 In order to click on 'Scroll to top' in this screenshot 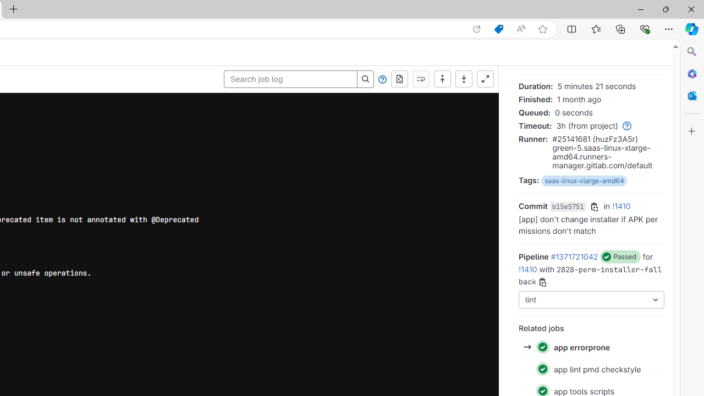, I will do `click(442, 79)`.